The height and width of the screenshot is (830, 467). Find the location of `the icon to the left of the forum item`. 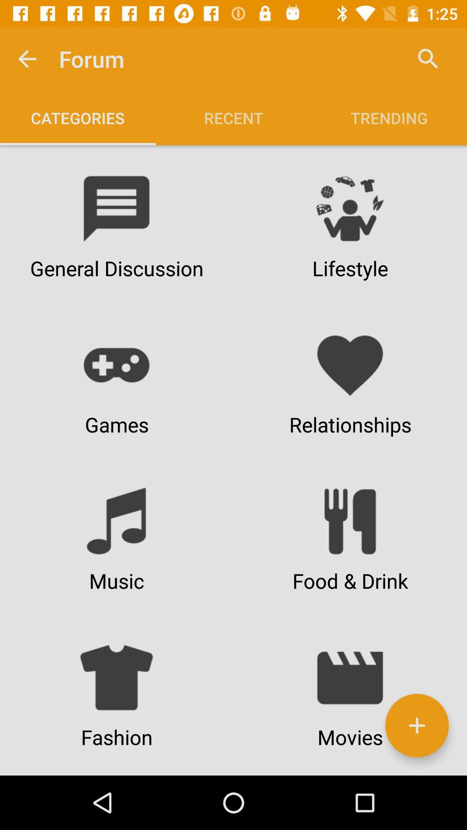

the icon to the left of the forum item is located at coordinates (26, 58).